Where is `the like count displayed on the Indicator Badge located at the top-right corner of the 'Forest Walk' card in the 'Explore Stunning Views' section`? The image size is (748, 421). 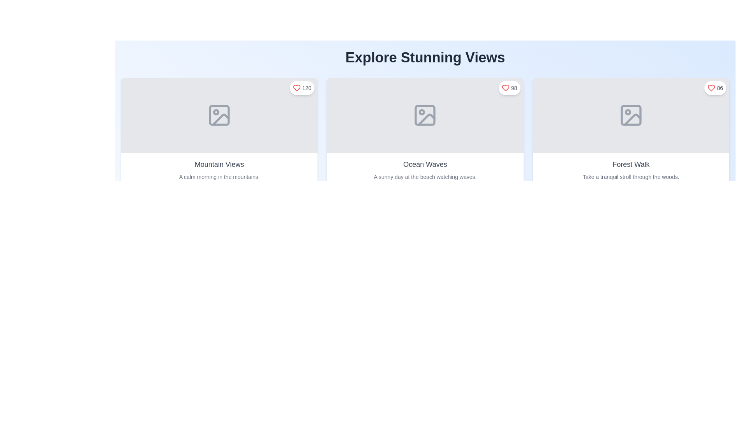
the like count displayed on the Indicator Badge located at the top-right corner of the 'Forest Walk' card in the 'Explore Stunning Views' section is located at coordinates (715, 88).